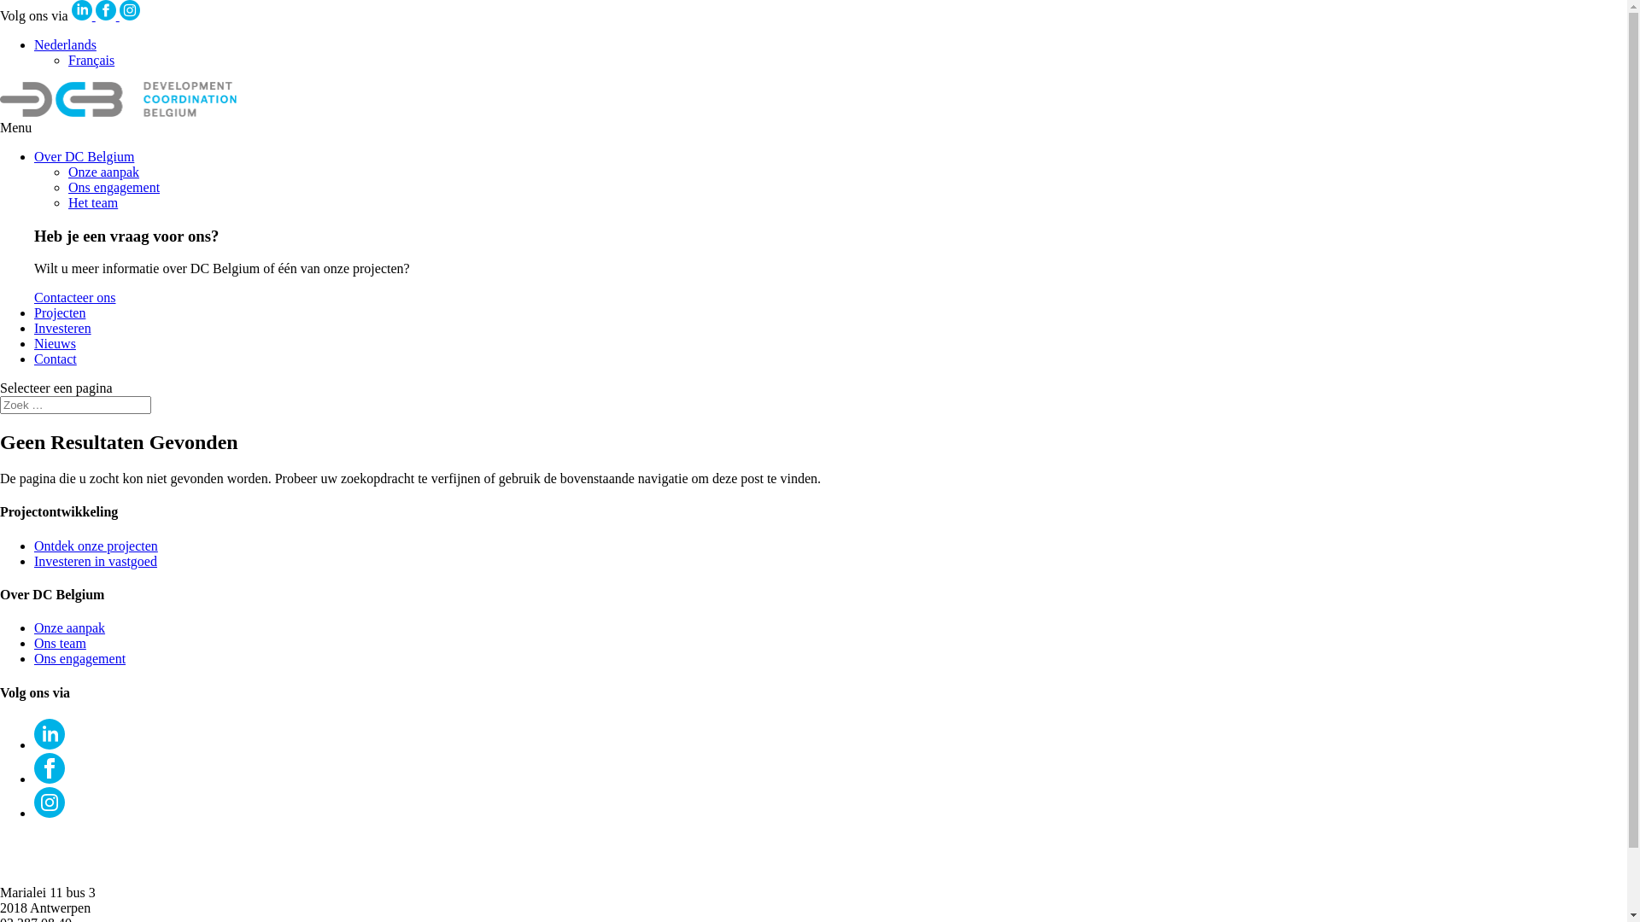 This screenshot has width=1640, height=922. What do you see at coordinates (70, 15) in the screenshot?
I see `'DC Belgium LinkedIn'` at bounding box center [70, 15].